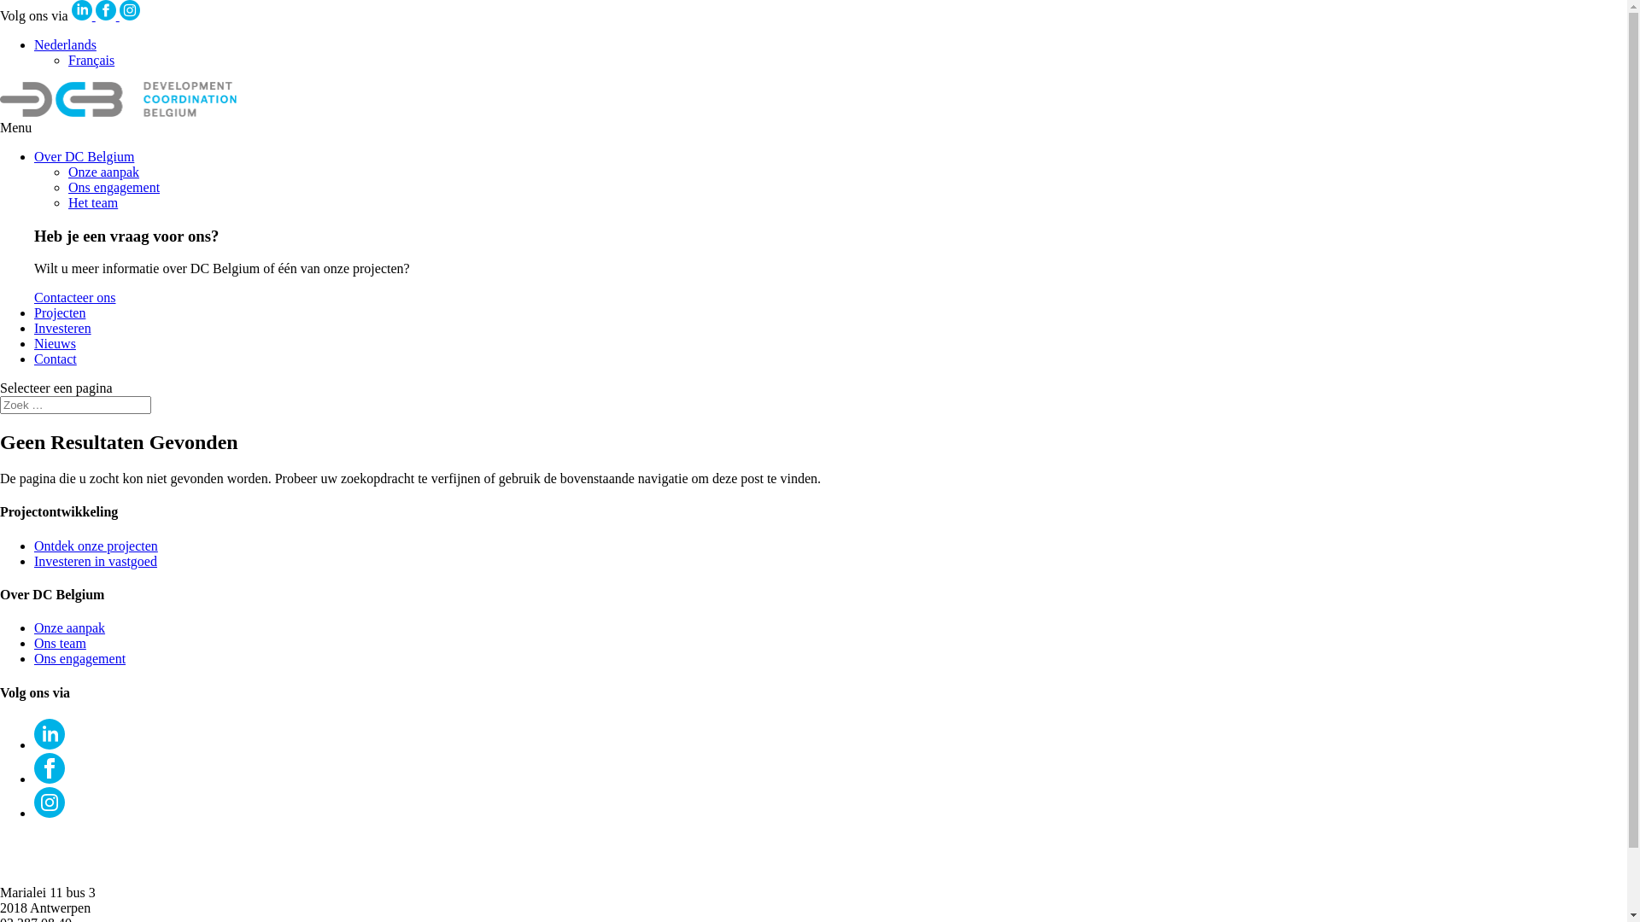 This screenshot has width=1640, height=922. What do you see at coordinates (70, 15) in the screenshot?
I see `'DC Belgium LinkedIn'` at bounding box center [70, 15].